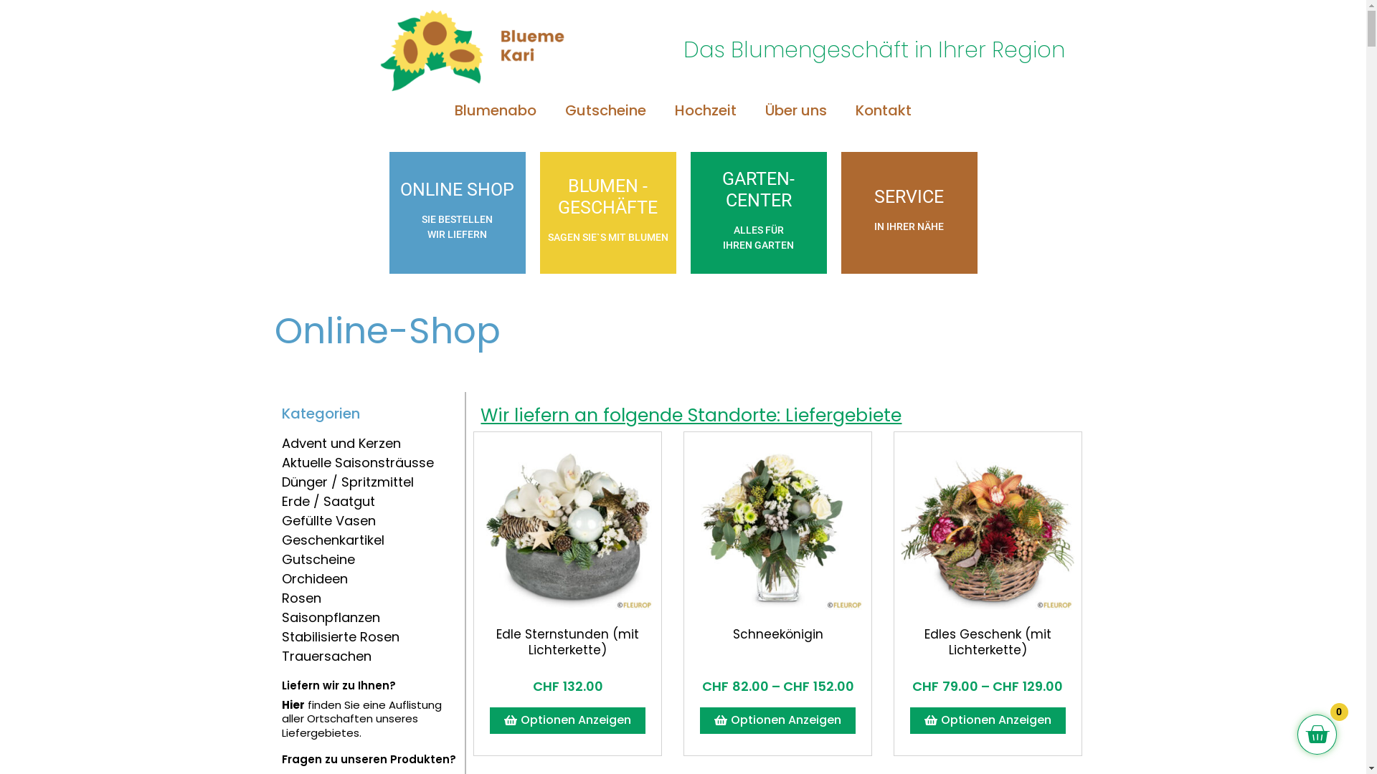 The width and height of the screenshot is (1377, 774). I want to click on 'Trauersachen', so click(281, 656).